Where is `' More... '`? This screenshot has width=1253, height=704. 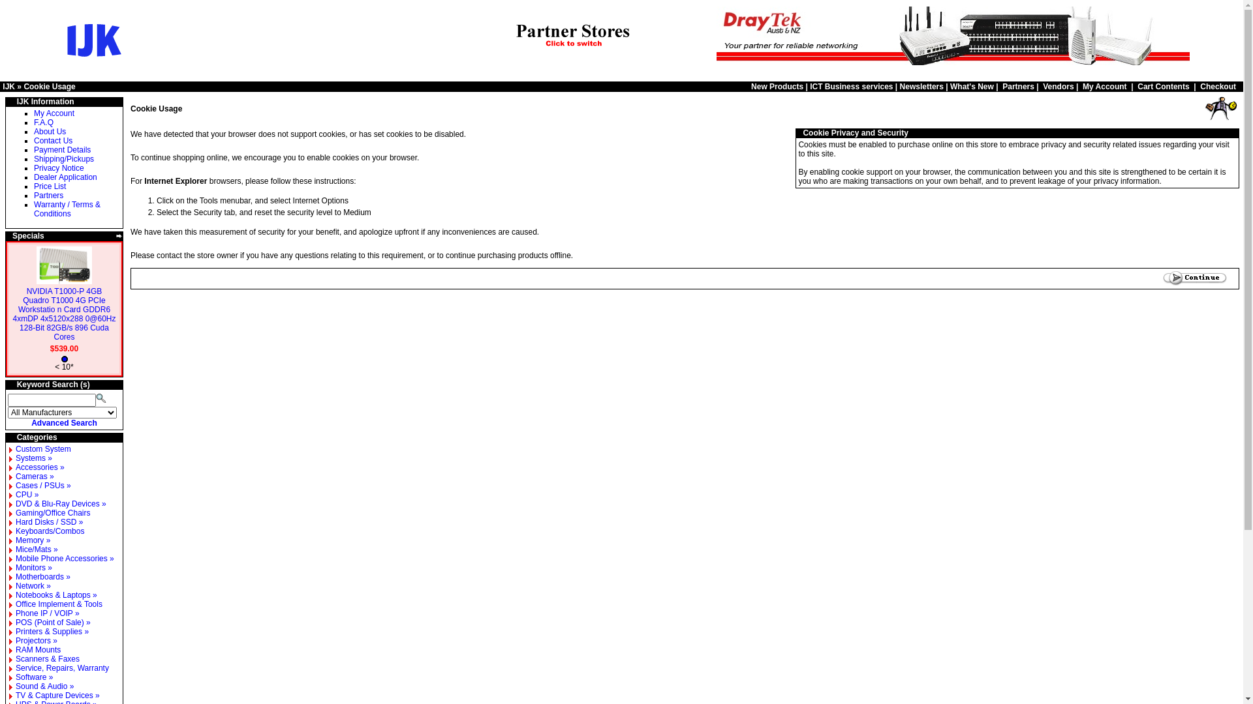
' More... ' is located at coordinates (119, 236).